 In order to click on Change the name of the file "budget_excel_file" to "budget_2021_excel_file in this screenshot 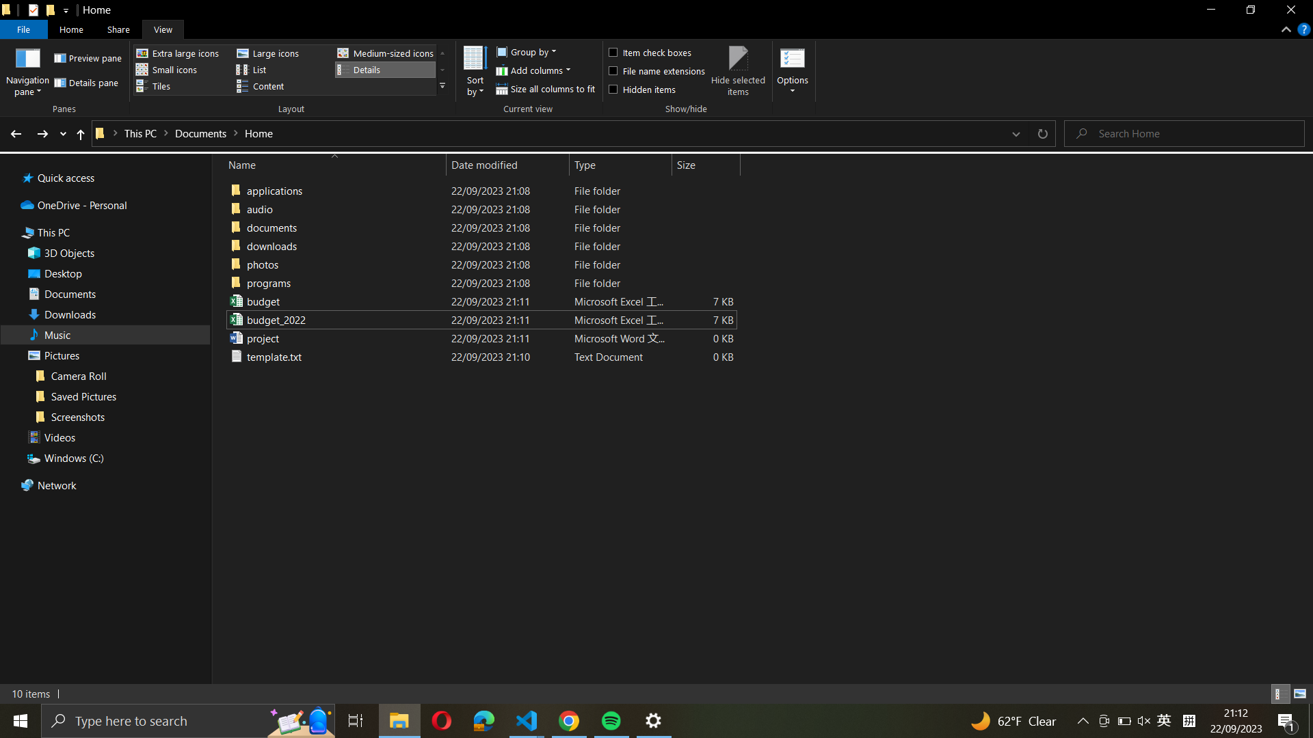, I will do `click(479, 300)`.